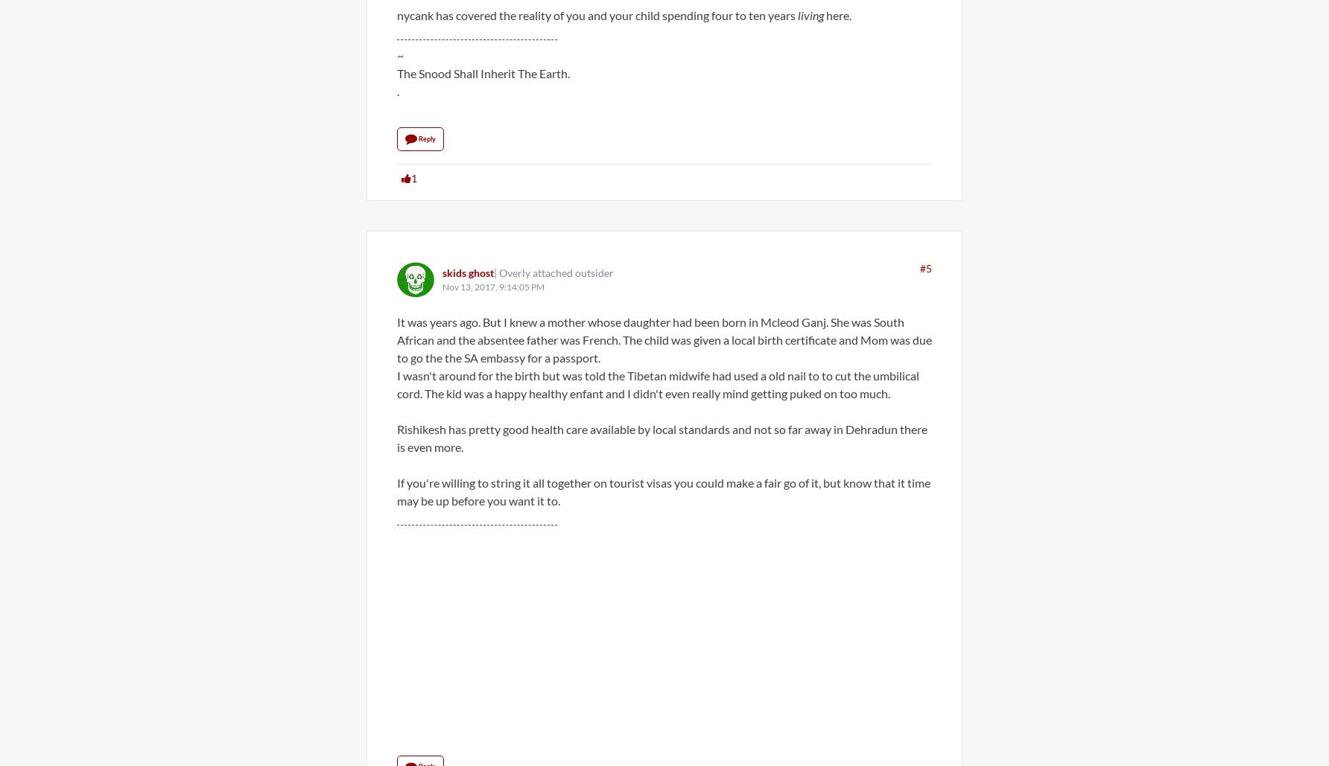 This screenshot has width=1329, height=766. What do you see at coordinates (796, 15) in the screenshot?
I see `'living'` at bounding box center [796, 15].